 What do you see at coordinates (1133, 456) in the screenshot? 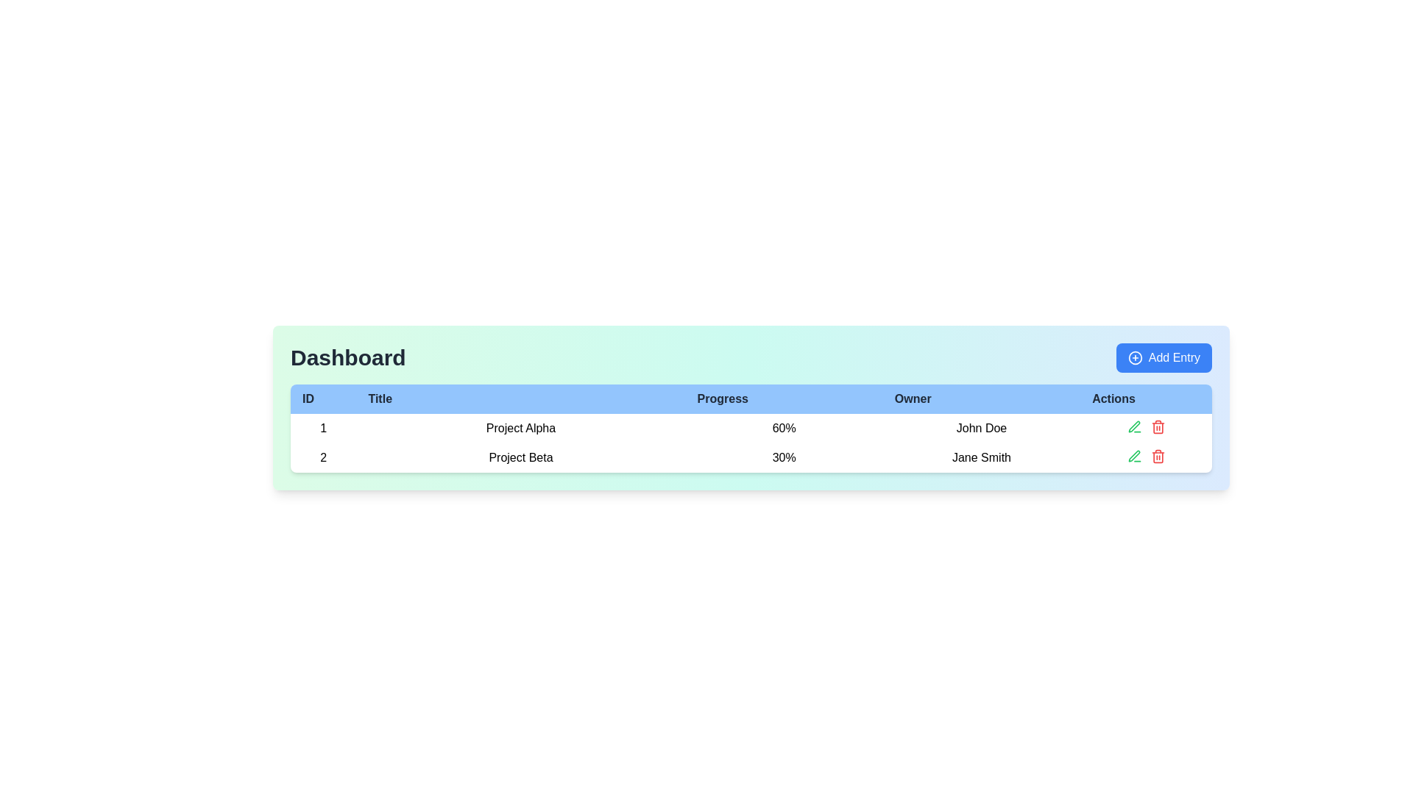
I see `the edit icon button located in the Actions column of the second row of the table under the Dashboard section to initiate the editing interface for that row` at bounding box center [1133, 456].